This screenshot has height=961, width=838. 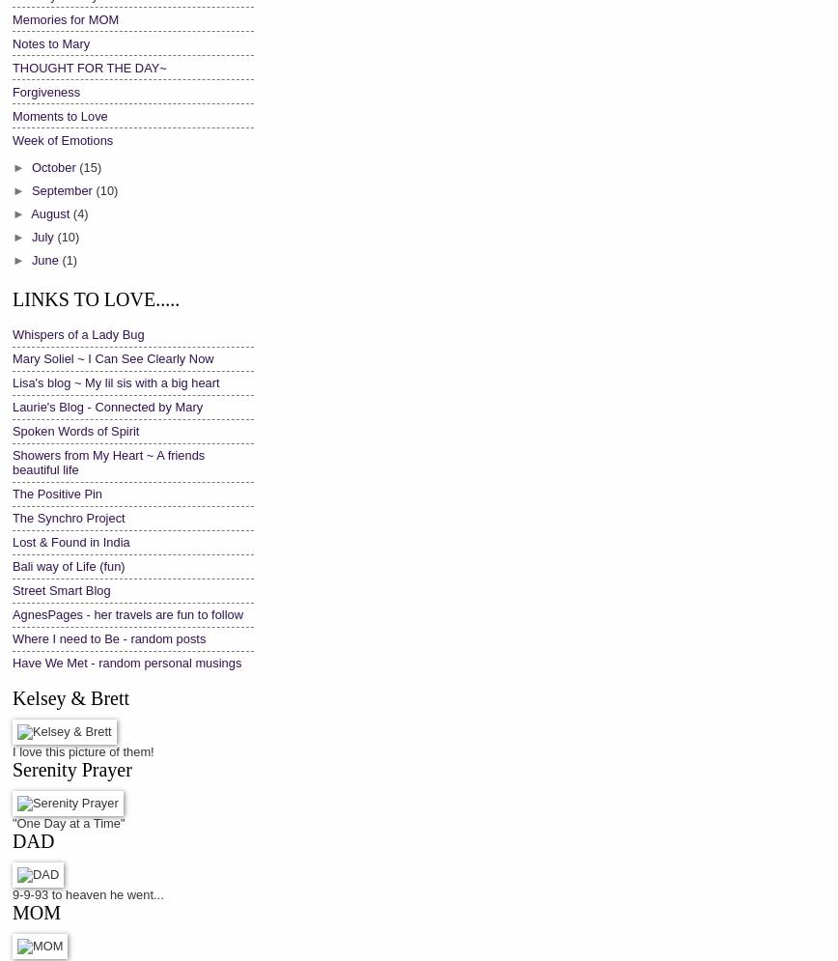 I want to click on 'DAD', so click(x=33, y=840).